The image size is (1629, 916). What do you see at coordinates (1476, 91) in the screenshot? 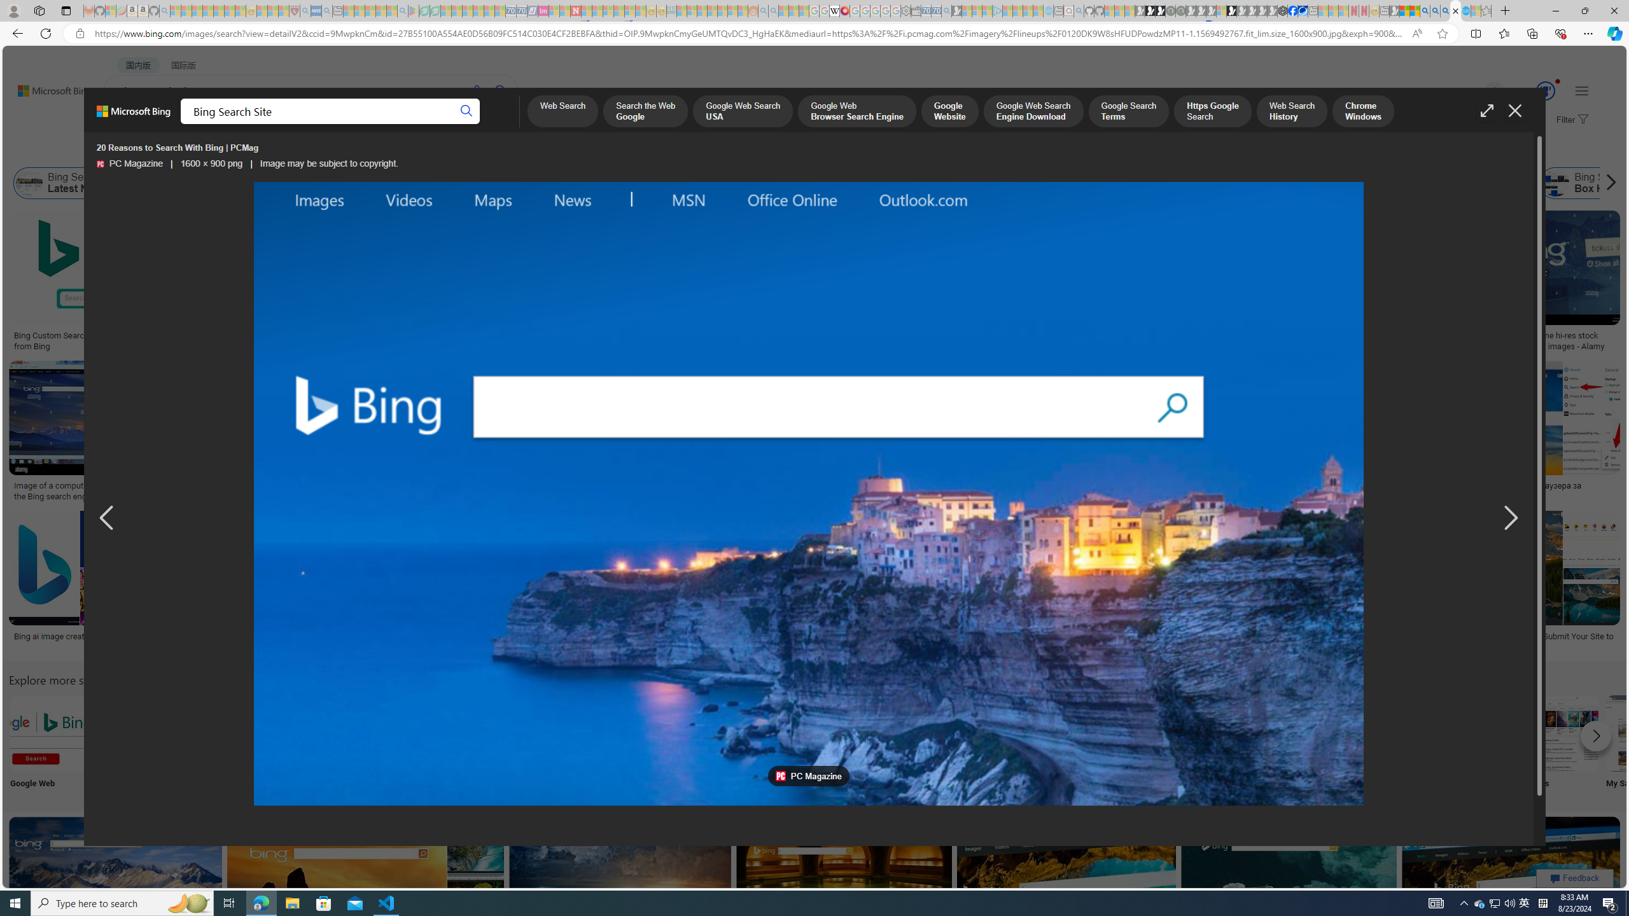
I see `'Eugene'` at bounding box center [1476, 91].